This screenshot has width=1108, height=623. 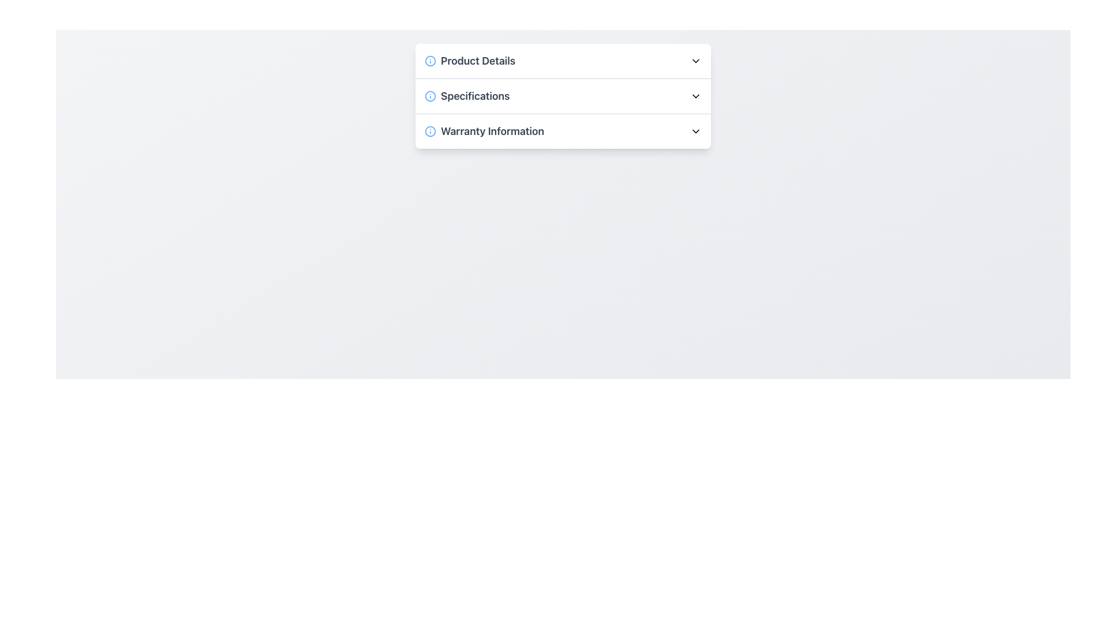 I want to click on the collapsible icon indicating 'Warranty Information' to potentially display a tooltip, so click(x=695, y=130).